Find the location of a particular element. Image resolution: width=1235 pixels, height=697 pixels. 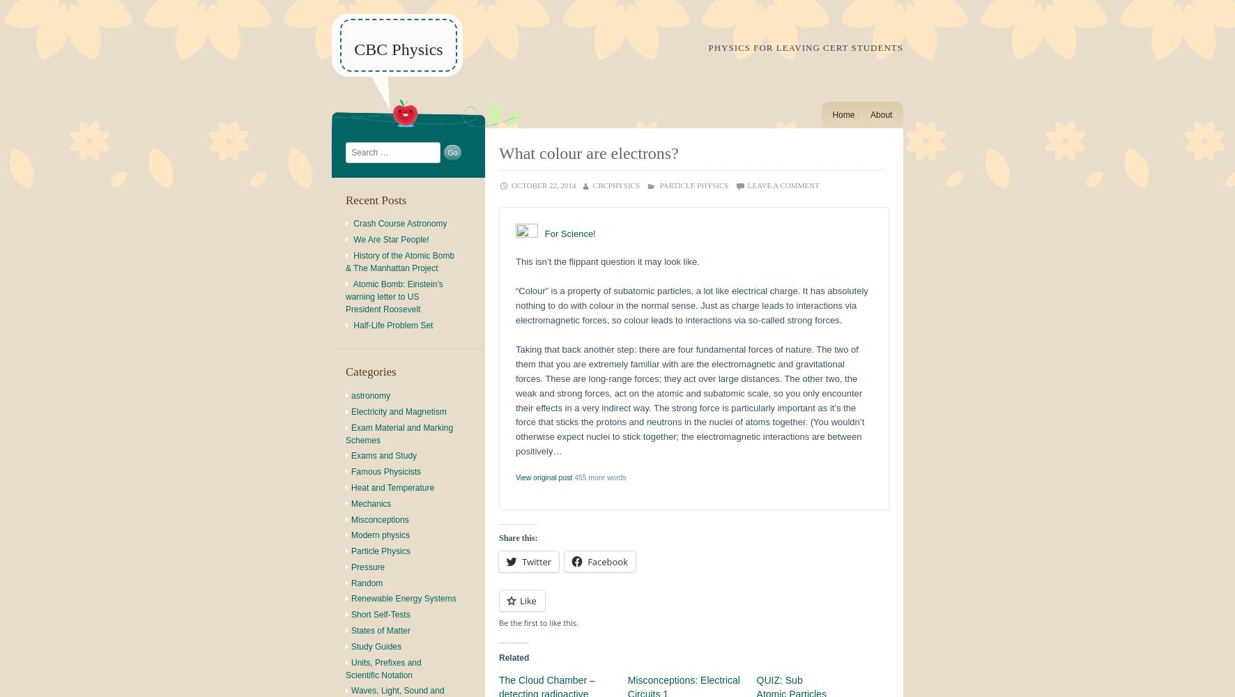

'CBC Physics' is located at coordinates (398, 49).